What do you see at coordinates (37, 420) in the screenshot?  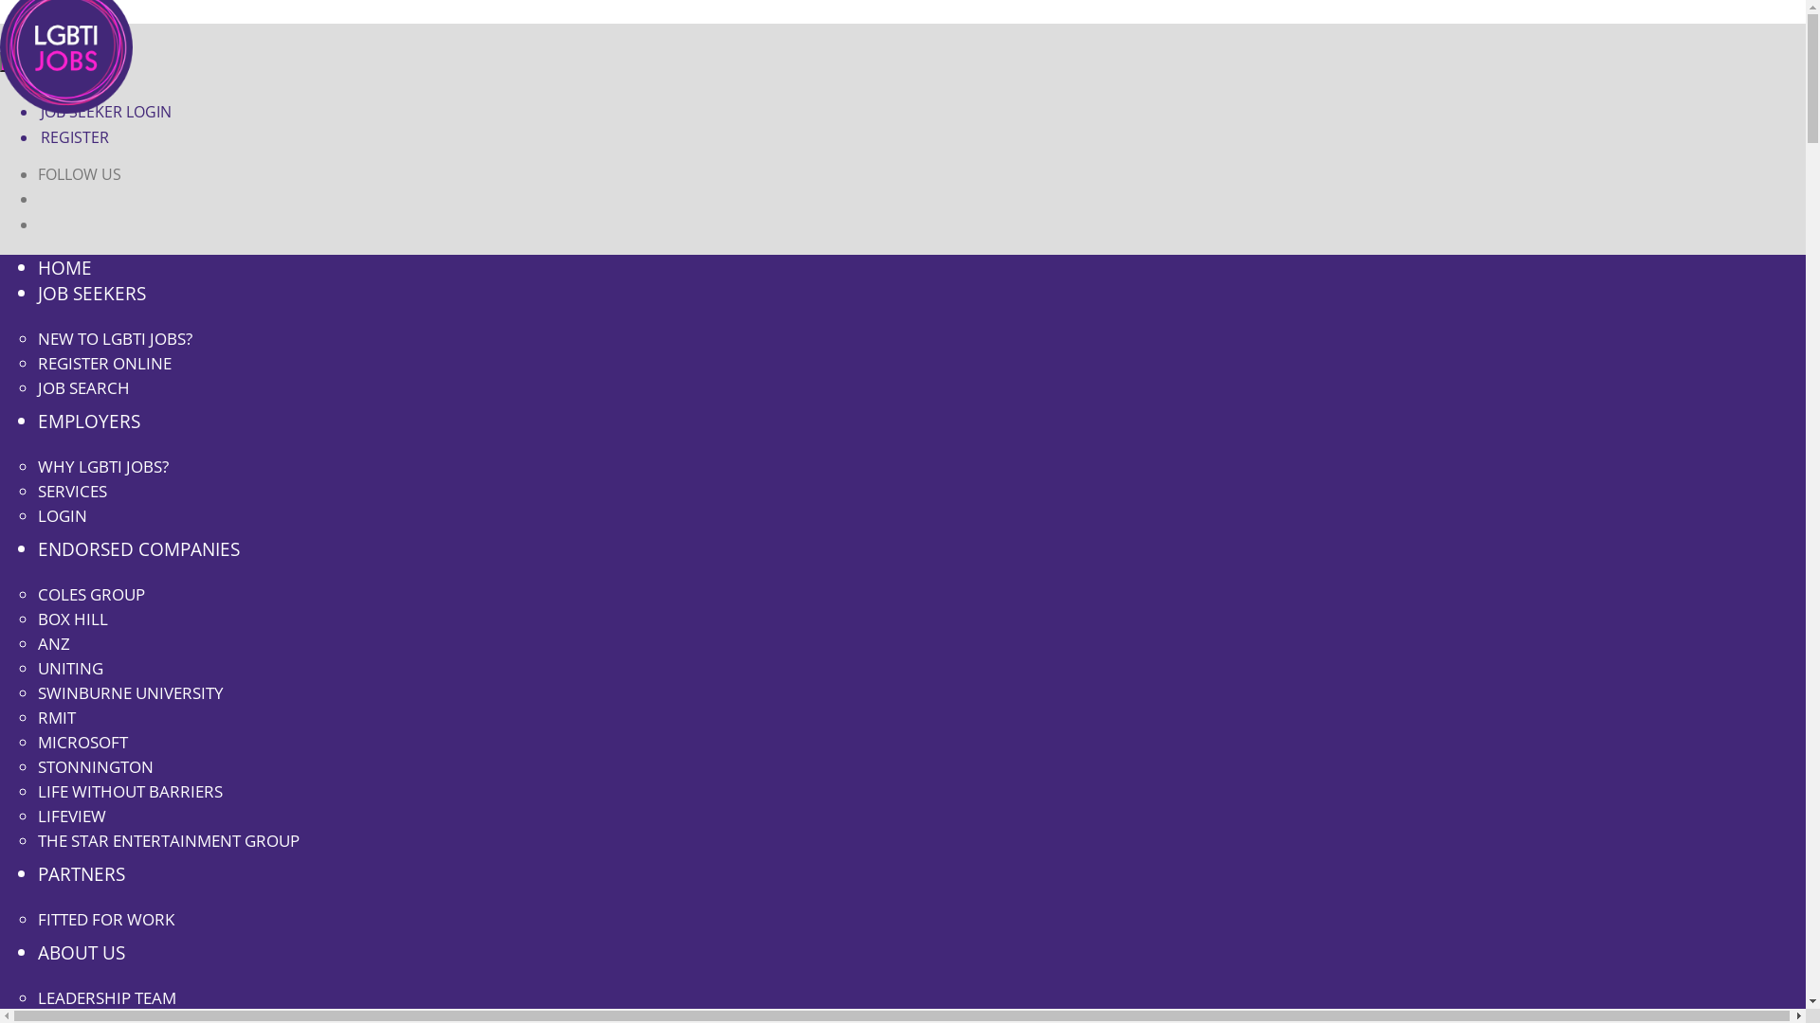 I see `'EMPLOYERS'` at bounding box center [37, 420].